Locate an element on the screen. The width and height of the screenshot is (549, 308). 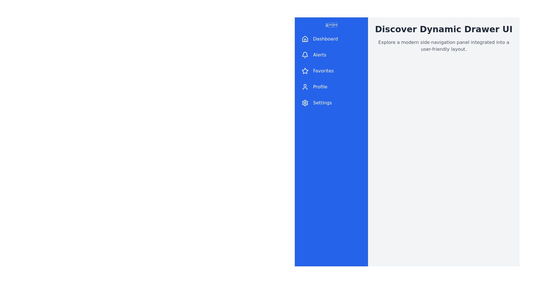
the individual item in the vertical navigation menu is located at coordinates (331, 71).